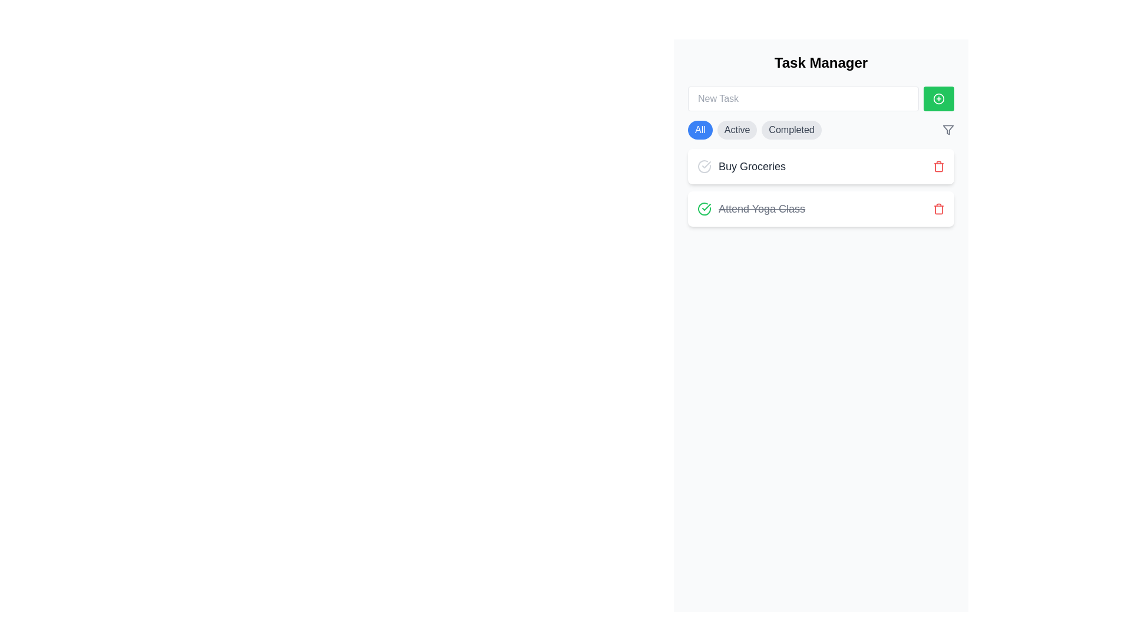  What do you see at coordinates (736, 130) in the screenshot?
I see `the filter button located between the 'All' button and the 'Completed' button to observe the hover effect` at bounding box center [736, 130].